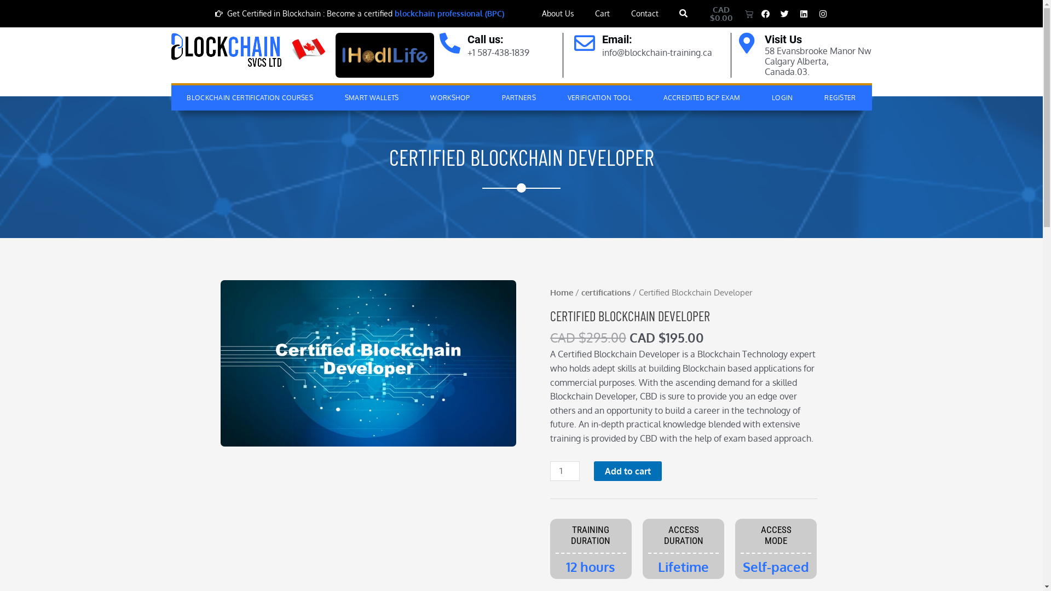  What do you see at coordinates (765, 13) in the screenshot?
I see `'Facebook'` at bounding box center [765, 13].